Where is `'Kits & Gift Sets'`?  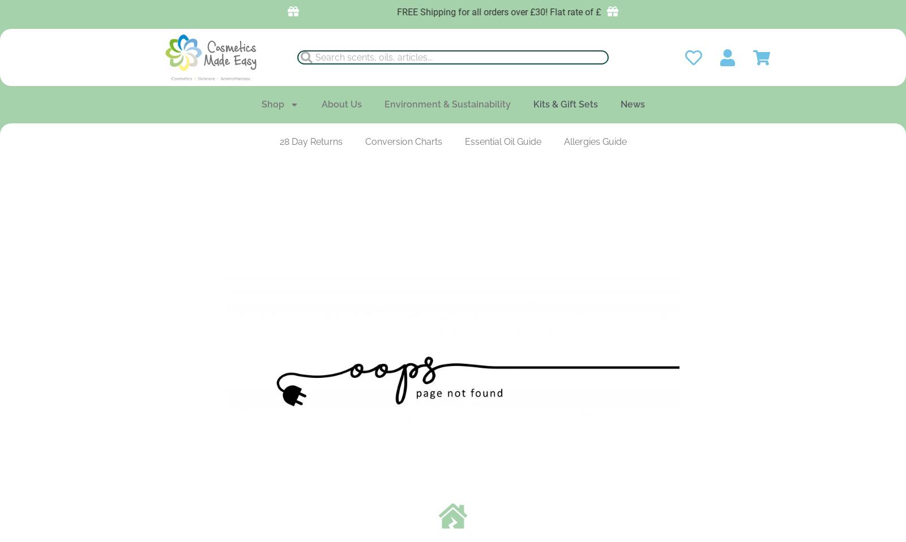
'Kits & Gift Sets' is located at coordinates (565, 104).